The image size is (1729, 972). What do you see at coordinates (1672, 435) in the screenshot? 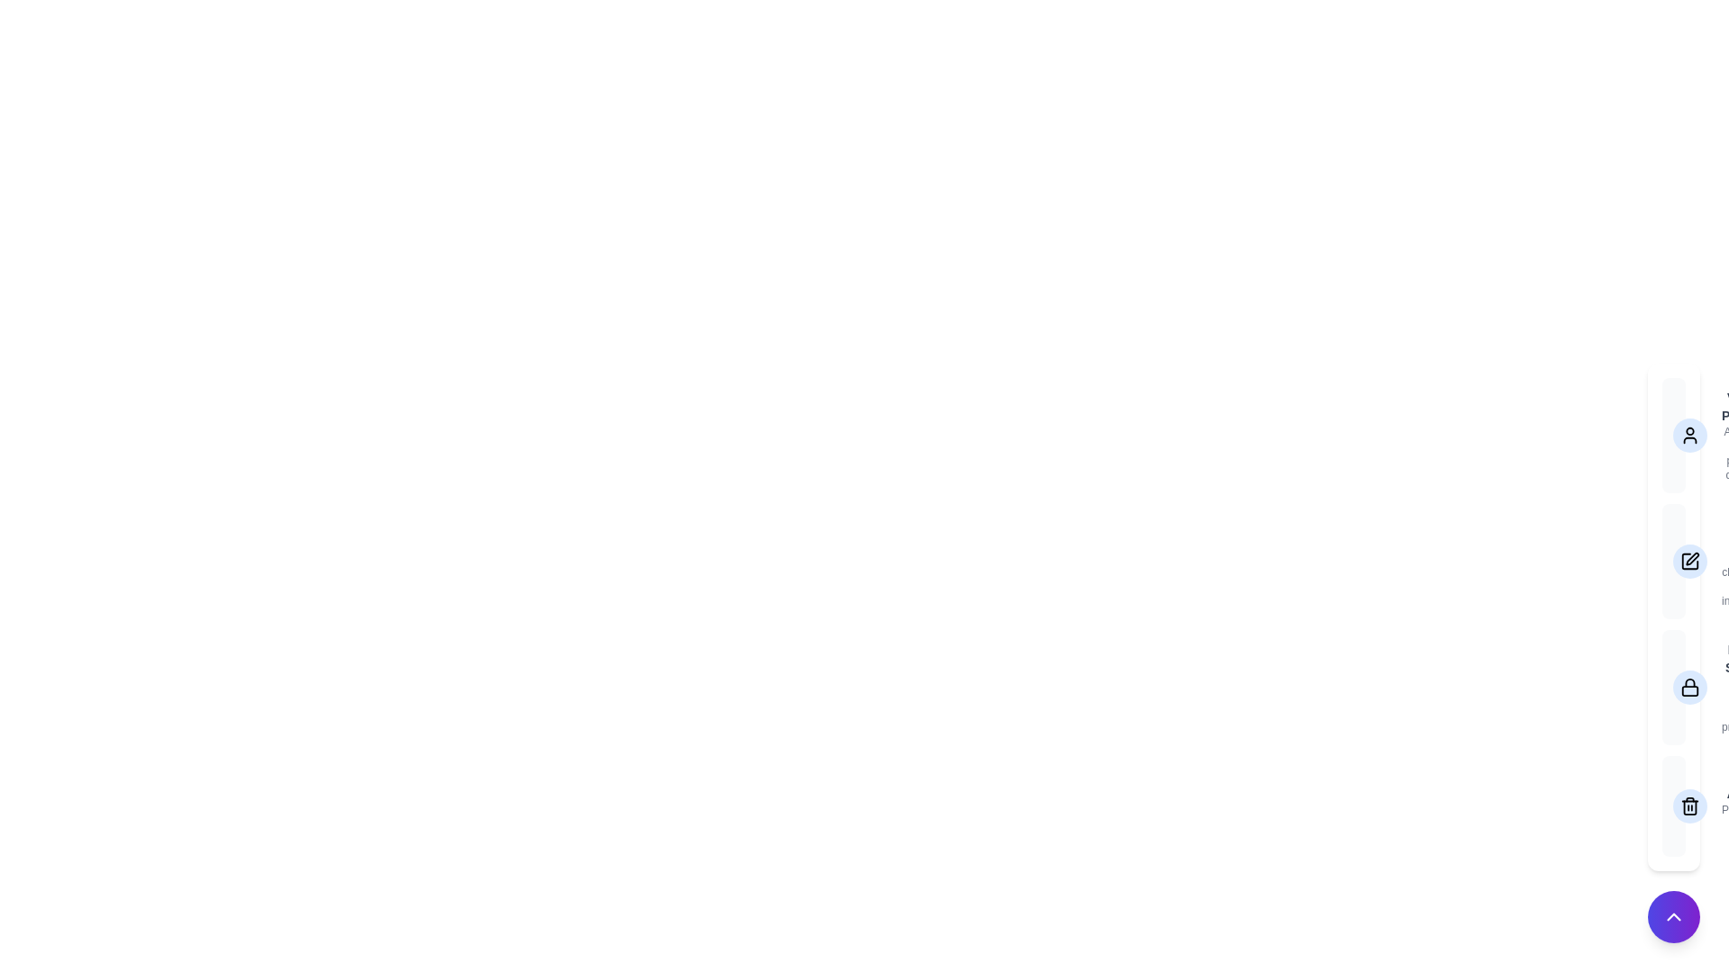
I see `the menu option labeled View Profile` at bounding box center [1672, 435].